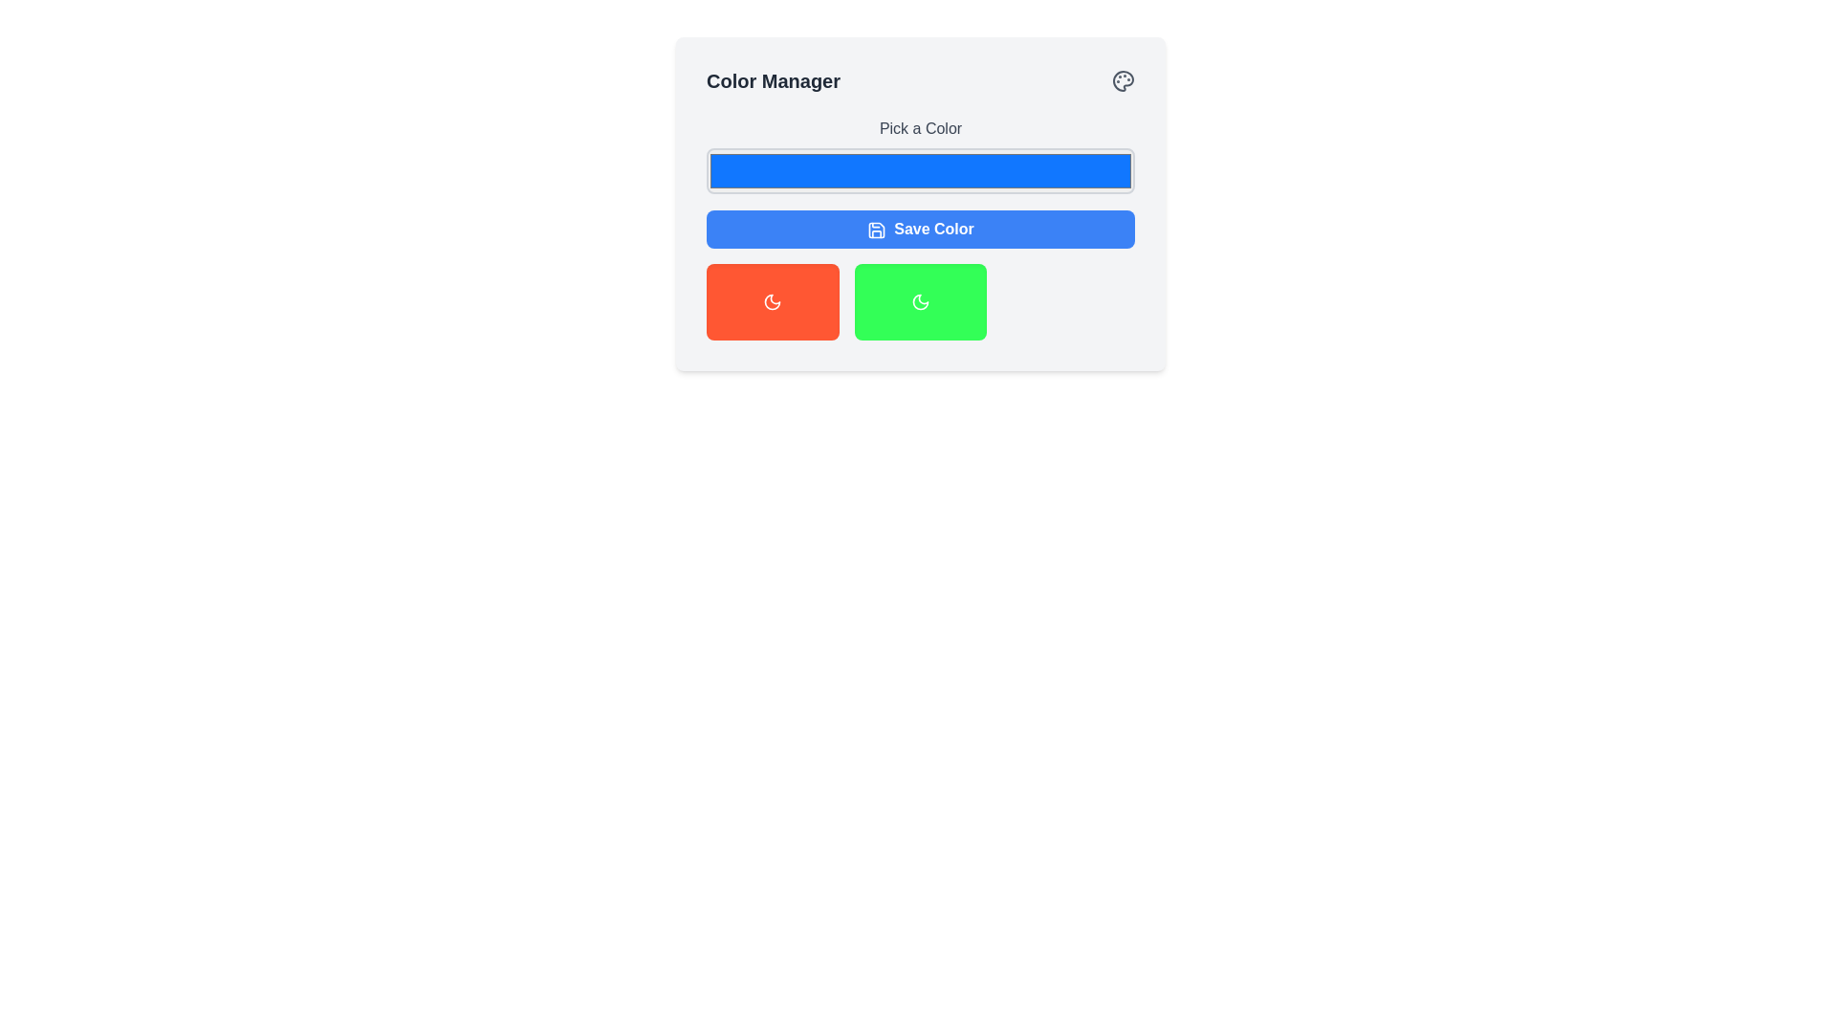  What do you see at coordinates (921, 155) in the screenshot?
I see `the Color Picker Input element labeled 'Pick a Color'` at bounding box center [921, 155].